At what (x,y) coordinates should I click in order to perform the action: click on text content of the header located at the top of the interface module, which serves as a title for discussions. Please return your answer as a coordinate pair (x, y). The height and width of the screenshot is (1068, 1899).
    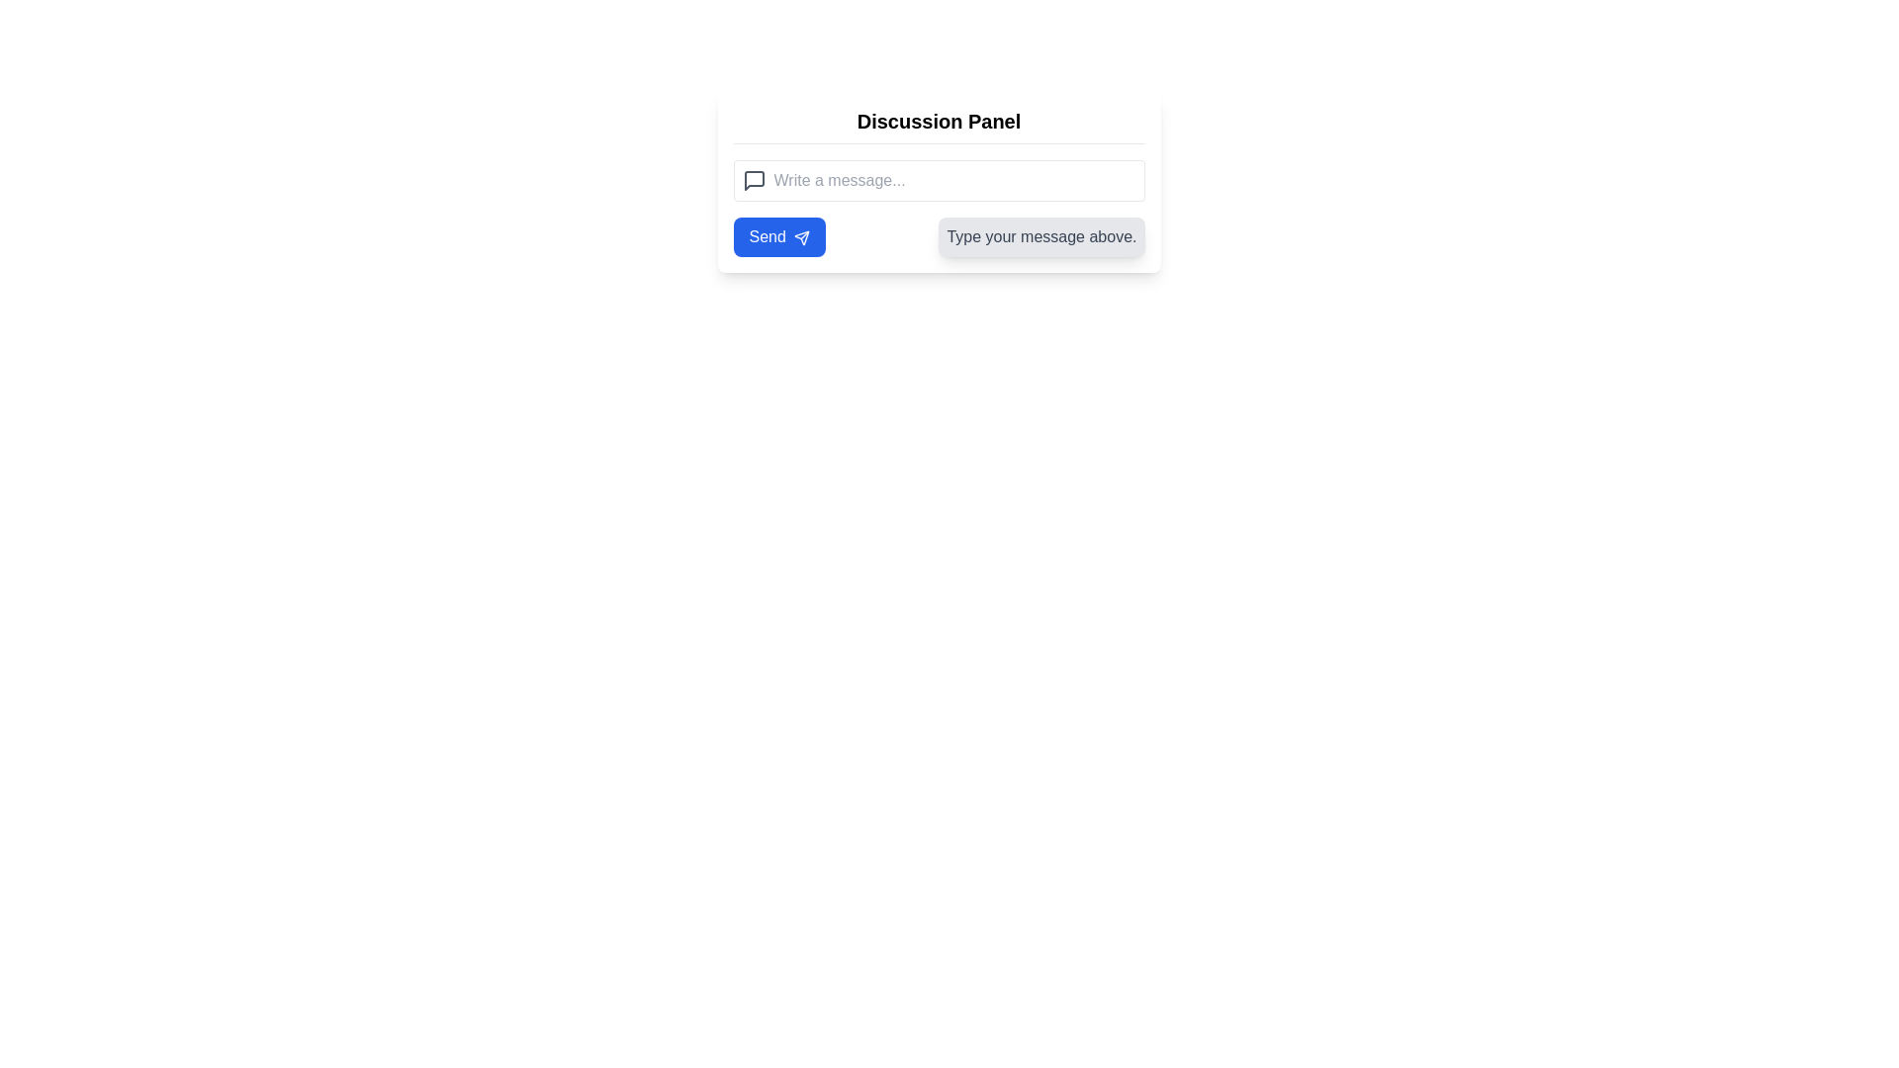
    Looking at the image, I should click on (938, 122).